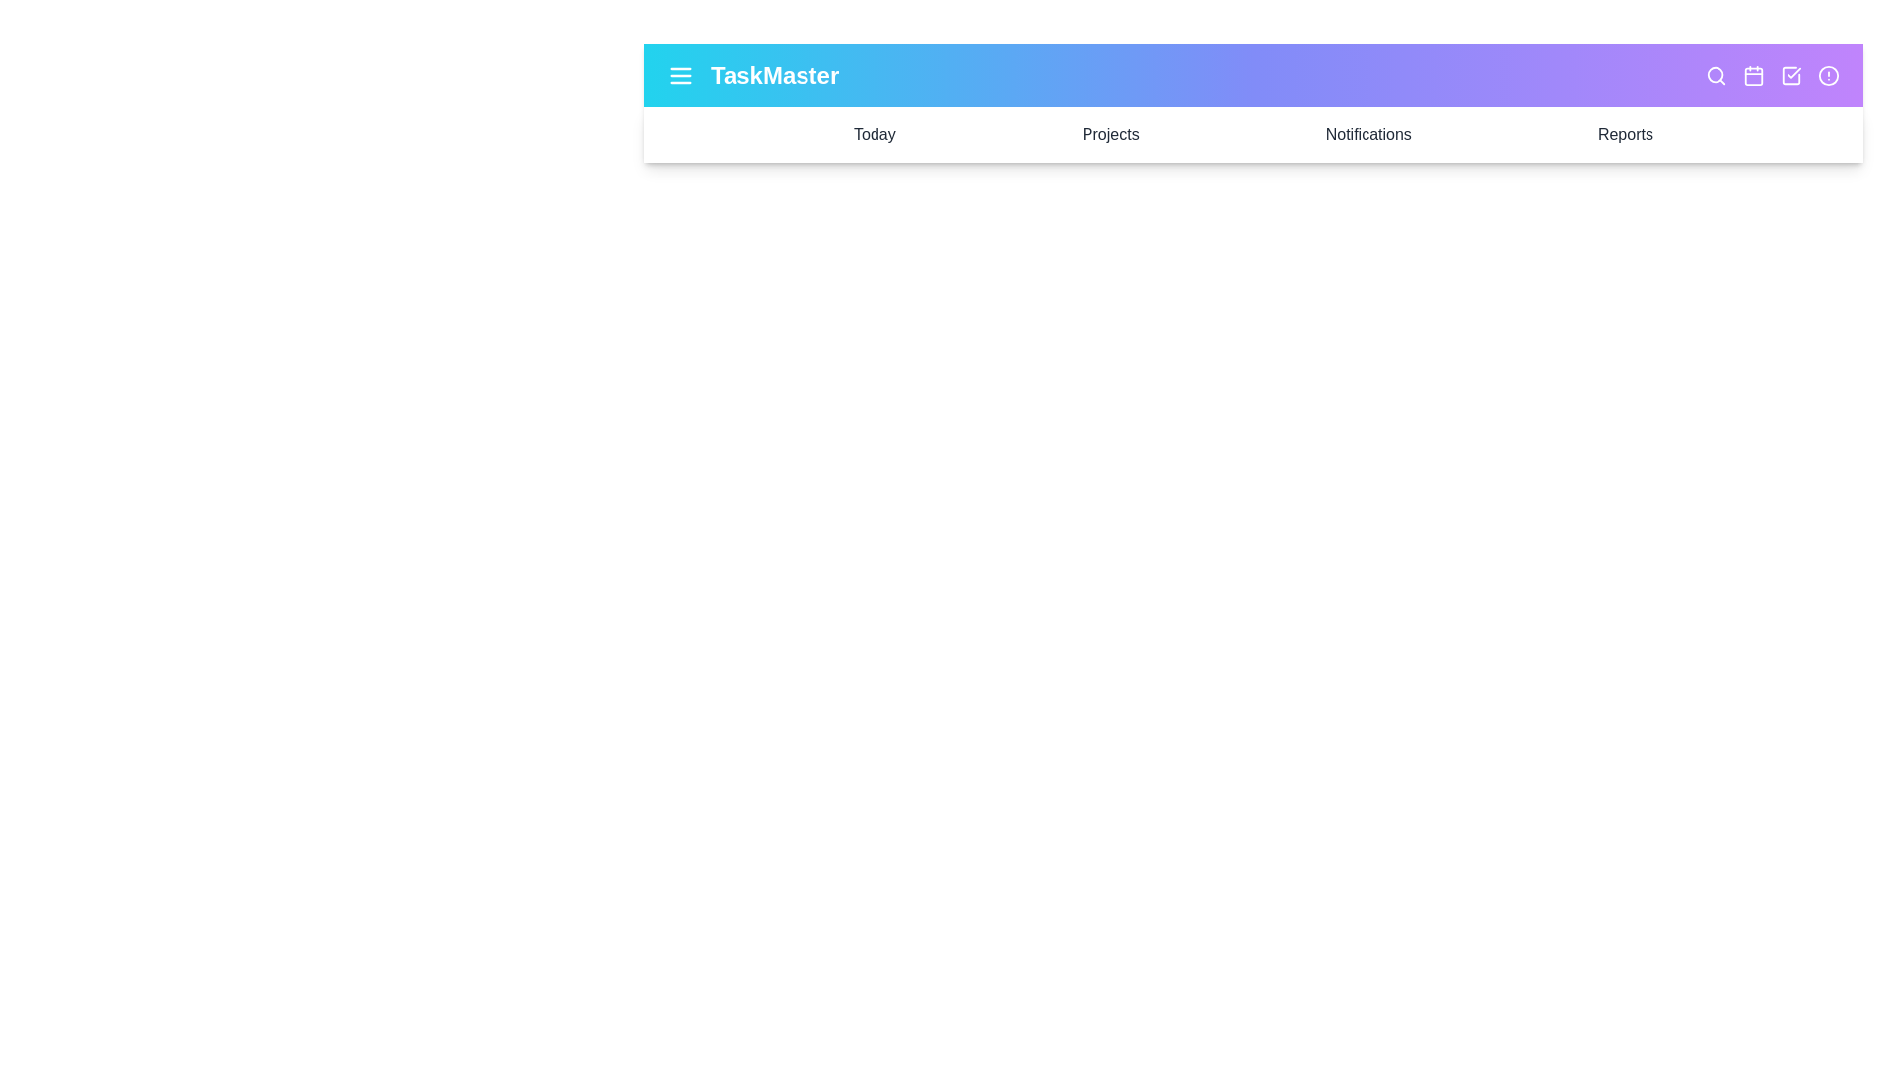 This screenshot has width=1893, height=1065. Describe the element at coordinates (1625, 134) in the screenshot. I see `the 'Reports' text in the navigation bar to navigate to the 'Reports' section` at that location.